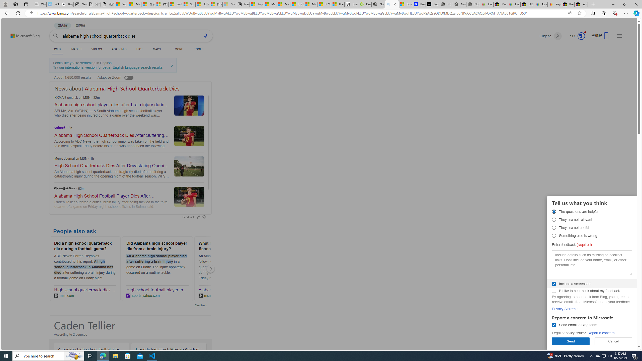 This screenshot has height=361, width=642. I want to click on 'The questions are helpful The questions are helpful', so click(554, 211).